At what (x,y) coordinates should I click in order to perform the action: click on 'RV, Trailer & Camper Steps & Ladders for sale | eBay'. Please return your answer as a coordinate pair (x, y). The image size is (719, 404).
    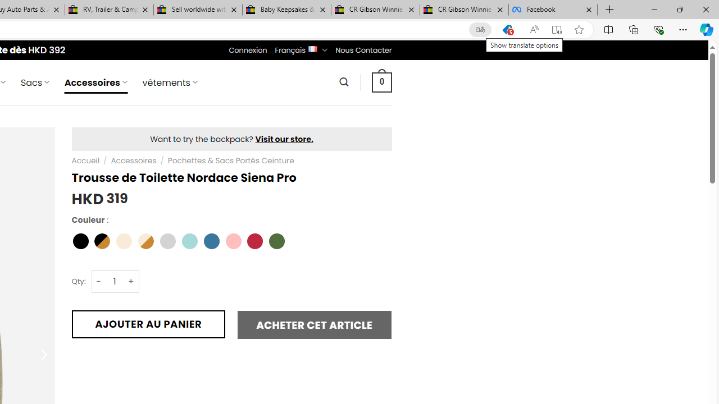
    Looking at the image, I should click on (109, 10).